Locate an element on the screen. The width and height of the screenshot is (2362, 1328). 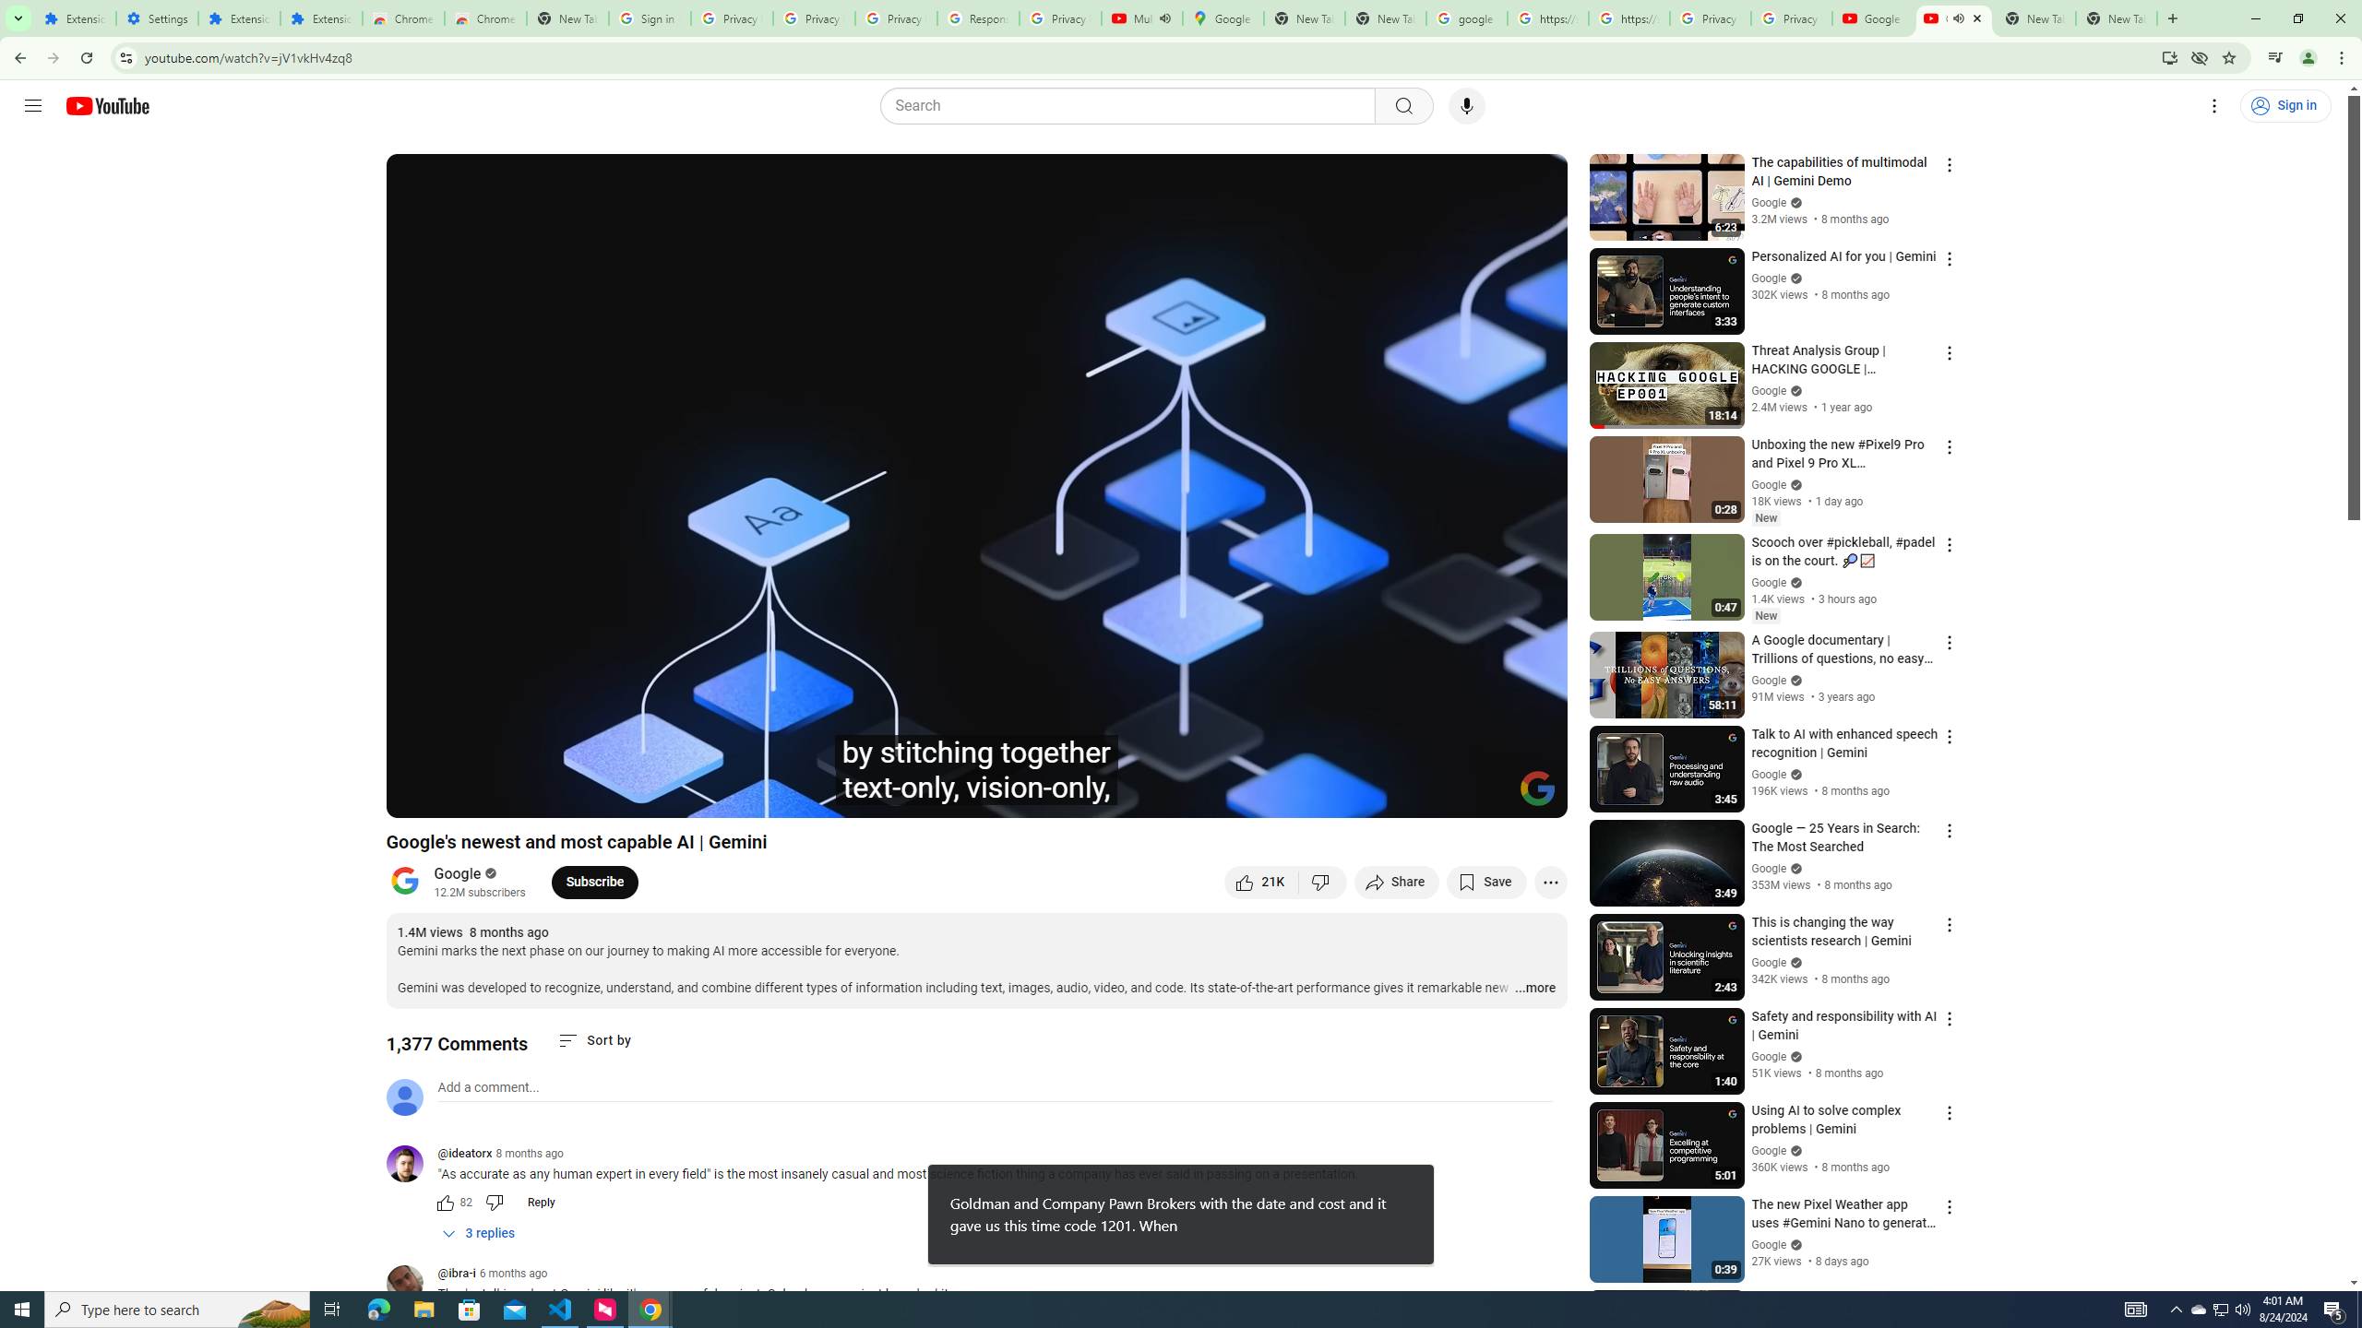
'Search with your voice' is located at coordinates (1466, 105).